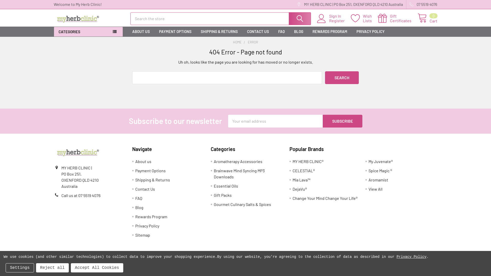 Image resolution: width=491 pixels, height=276 pixels. I want to click on 'PAYMENT OPTIONS', so click(175, 31).